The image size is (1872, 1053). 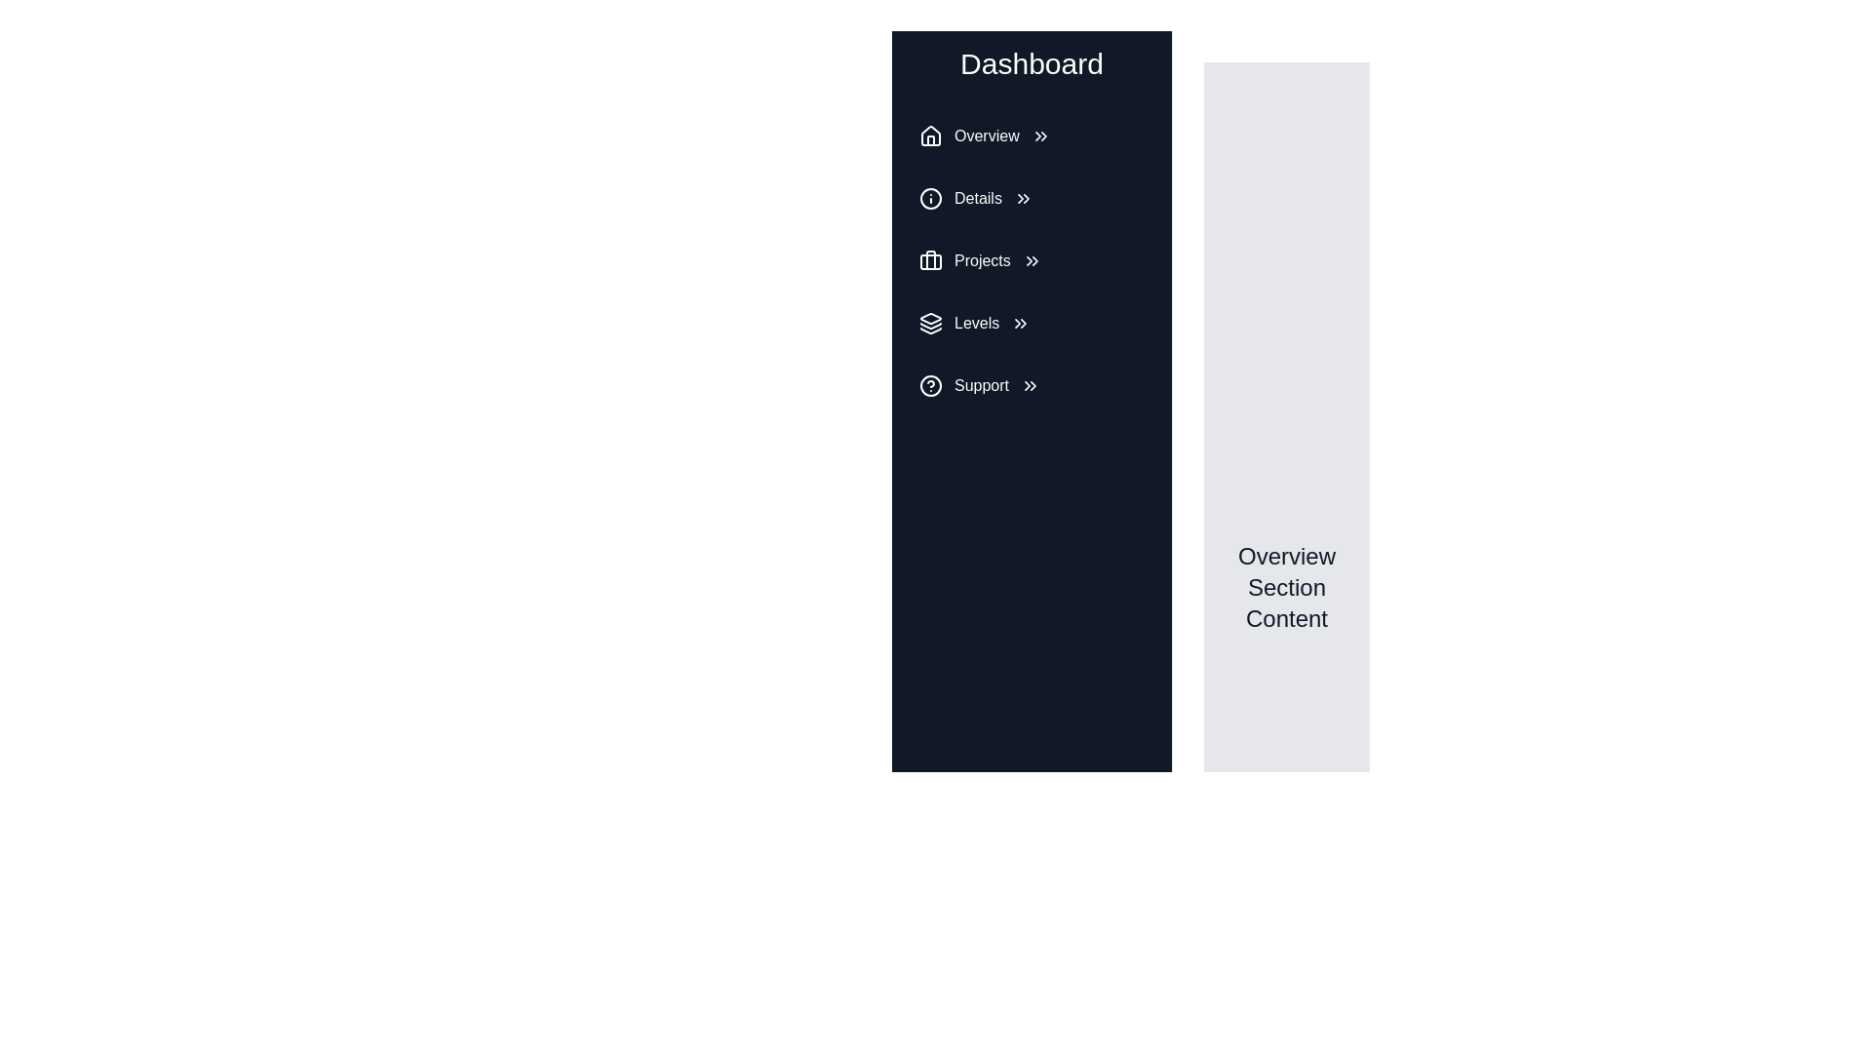 I want to click on the Navigation icon, which consists of two right-pointing chevrons in line art style, located to the far right of the 'Details' text in the Dashboard section's vertical menu, so click(x=1022, y=199).